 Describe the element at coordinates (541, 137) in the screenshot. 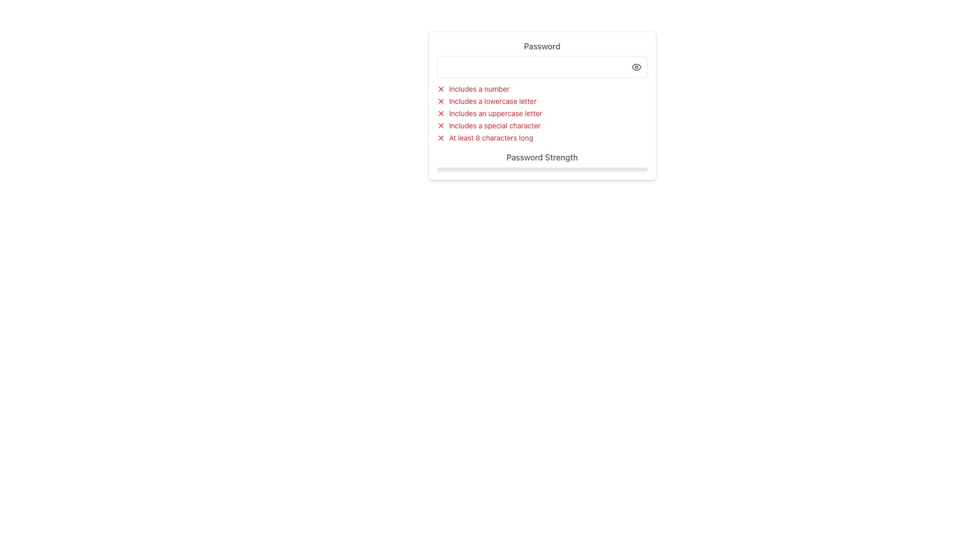

I see `the red-colored text label reading 'At least 8 characters long' with a red cross icon, positioned as the fifth item in the list of password instruction criteria` at that location.